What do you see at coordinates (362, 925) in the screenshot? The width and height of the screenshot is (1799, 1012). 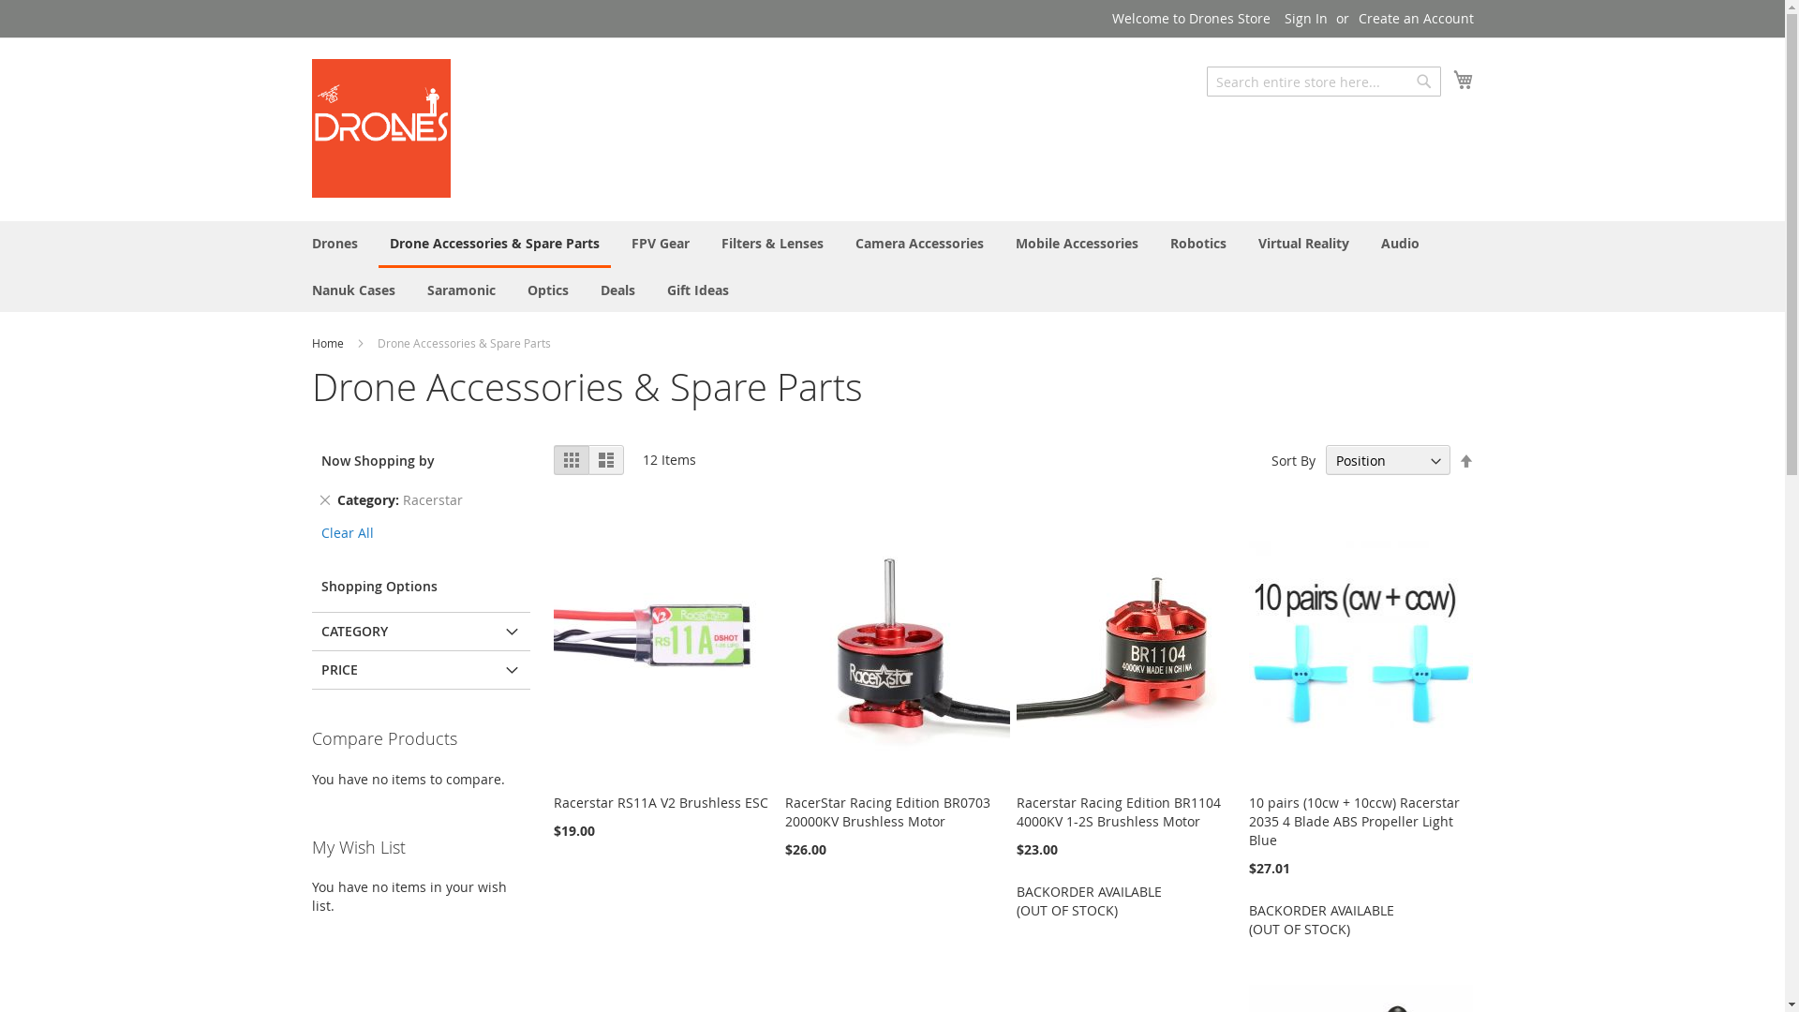 I see `'Add to Cart'` at bounding box center [362, 925].